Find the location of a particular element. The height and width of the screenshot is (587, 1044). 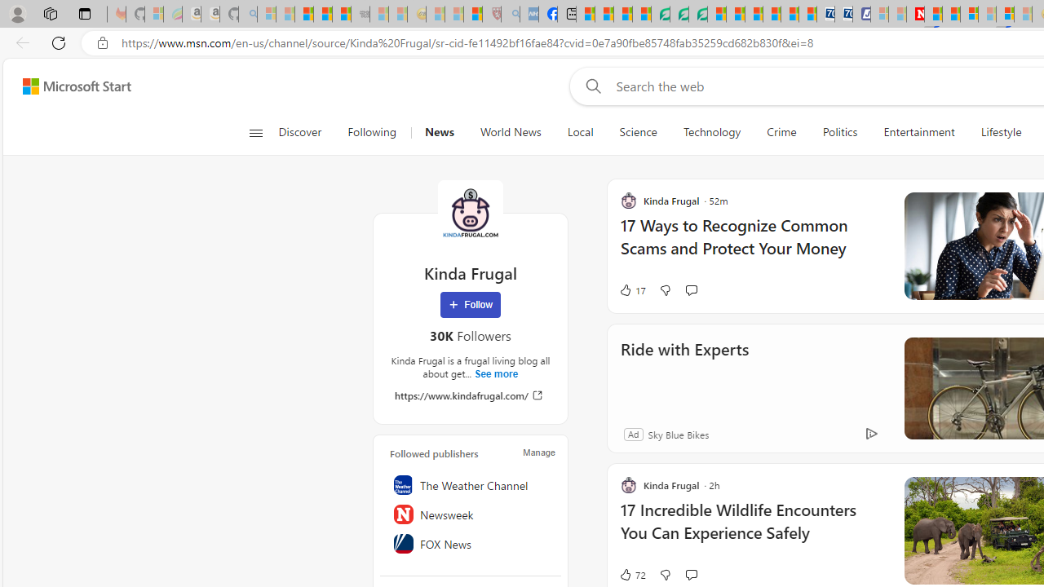

'Cheap Hotels - Save70.com' is located at coordinates (843, 14).